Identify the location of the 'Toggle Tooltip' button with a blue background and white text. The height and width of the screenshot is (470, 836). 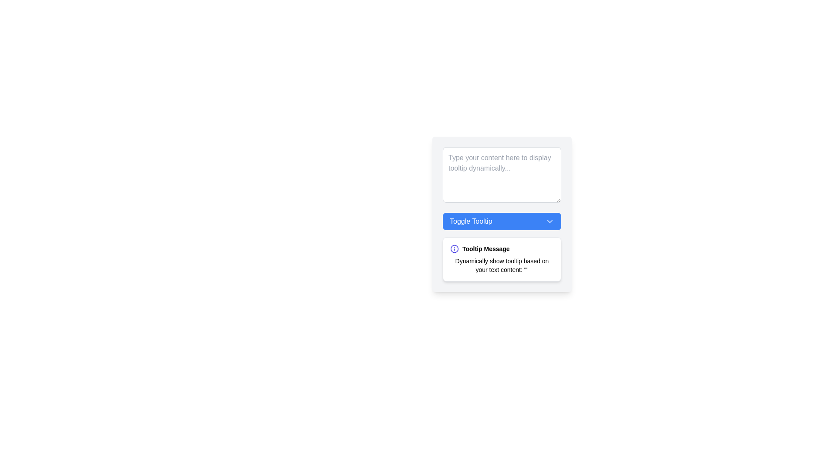
(502, 221).